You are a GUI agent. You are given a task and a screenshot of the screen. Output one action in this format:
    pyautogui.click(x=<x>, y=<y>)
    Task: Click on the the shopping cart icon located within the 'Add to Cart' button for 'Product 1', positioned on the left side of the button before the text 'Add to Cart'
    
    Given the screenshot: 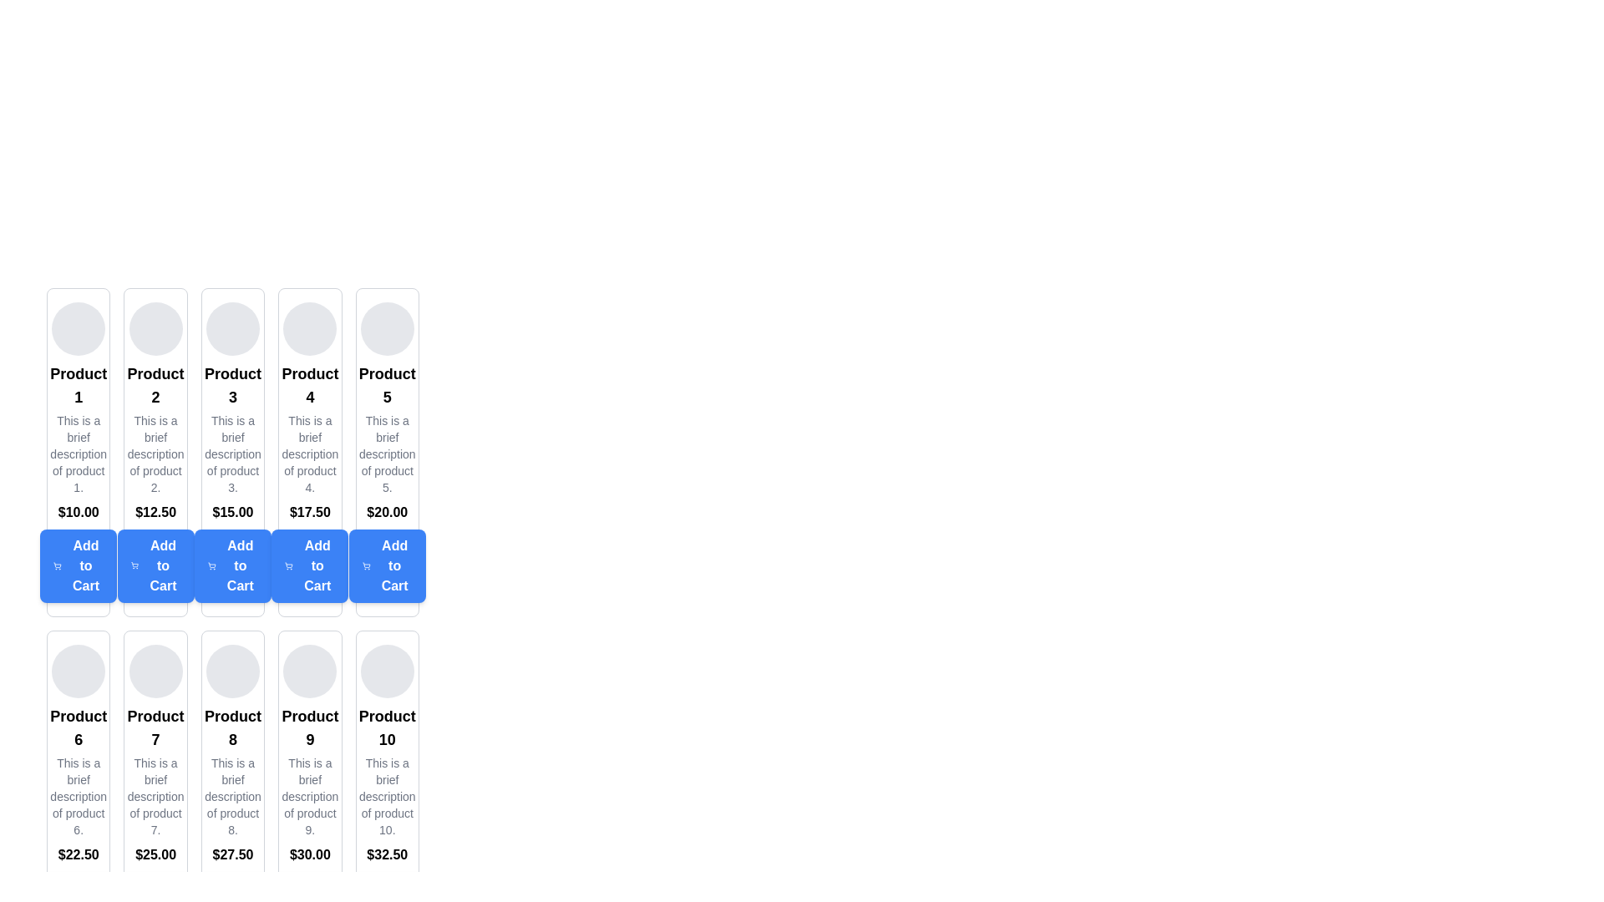 What is the action you would take?
    pyautogui.click(x=58, y=565)
    